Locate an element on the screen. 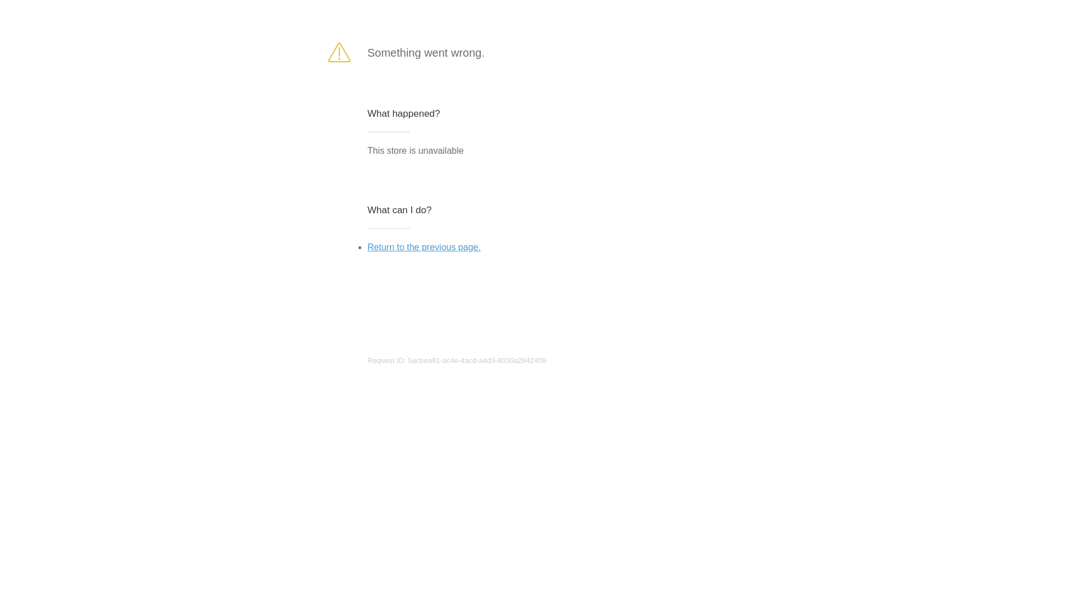 This screenshot has width=1077, height=606. 'Return to the previous page.' is located at coordinates (423, 246).